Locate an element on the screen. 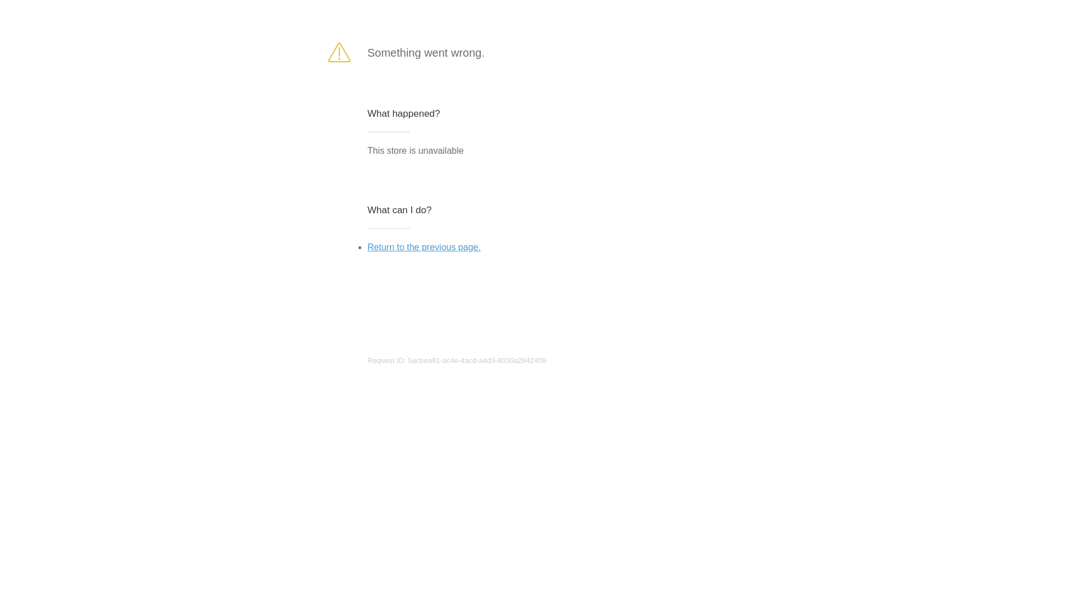 This screenshot has width=1077, height=606. 'Return to the previous page.' is located at coordinates (423, 246).